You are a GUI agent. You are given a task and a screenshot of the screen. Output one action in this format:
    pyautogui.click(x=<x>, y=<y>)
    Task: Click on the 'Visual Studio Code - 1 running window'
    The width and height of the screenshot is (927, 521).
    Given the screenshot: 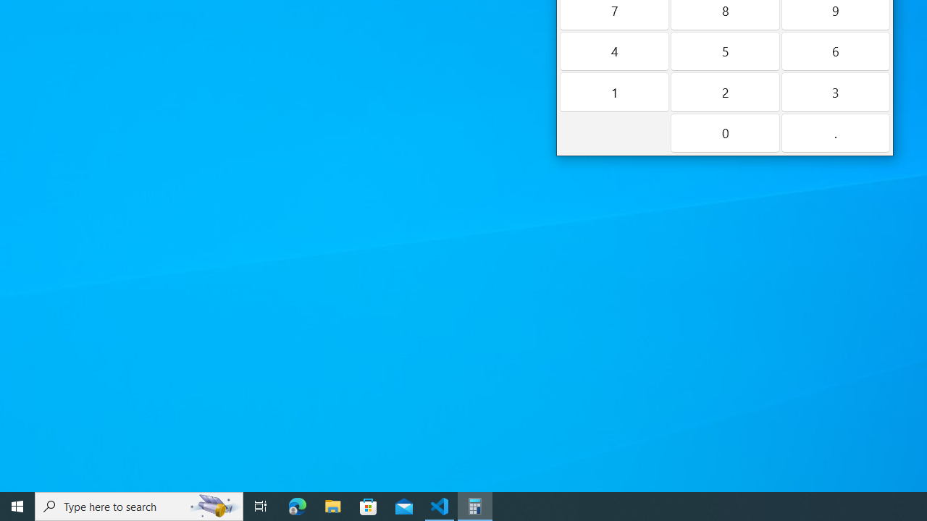 What is the action you would take?
    pyautogui.click(x=439, y=505)
    